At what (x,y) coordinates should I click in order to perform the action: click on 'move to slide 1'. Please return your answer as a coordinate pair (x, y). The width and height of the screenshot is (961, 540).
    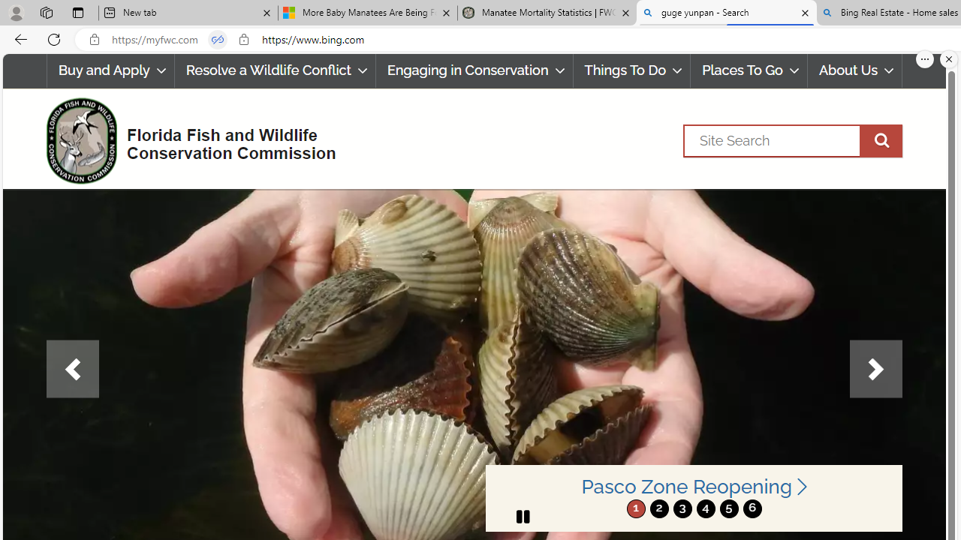
    Looking at the image, I should click on (636, 508).